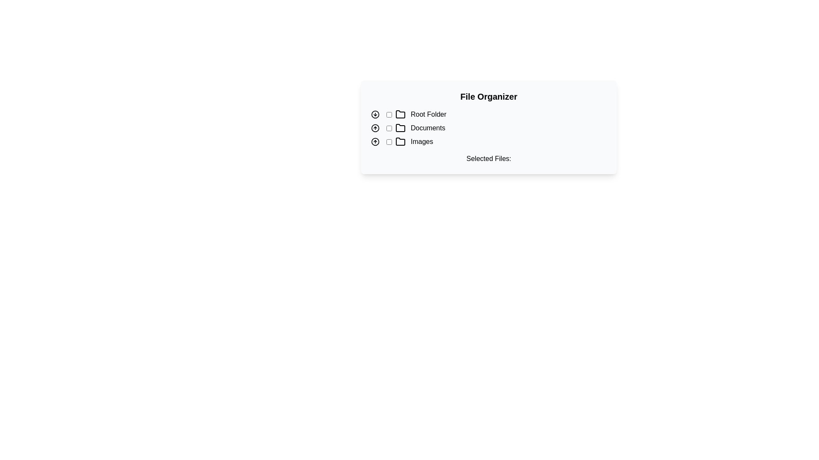  Describe the element at coordinates (389, 141) in the screenshot. I see `the checkbox that is located next to the text 'Images' in the File Organizer section, which is the third checkbox in a vertical list` at that location.